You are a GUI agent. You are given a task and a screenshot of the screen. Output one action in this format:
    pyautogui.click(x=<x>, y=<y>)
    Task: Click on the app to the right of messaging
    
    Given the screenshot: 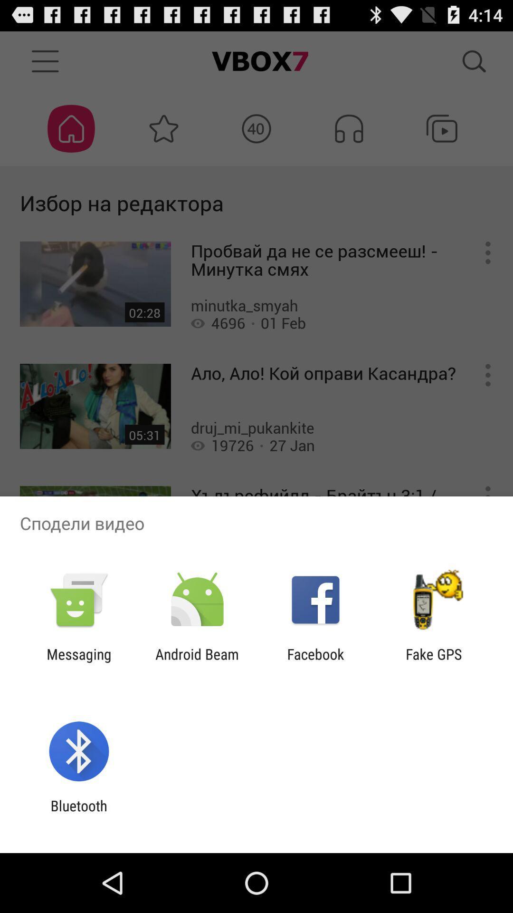 What is the action you would take?
    pyautogui.click(x=197, y=662)
    